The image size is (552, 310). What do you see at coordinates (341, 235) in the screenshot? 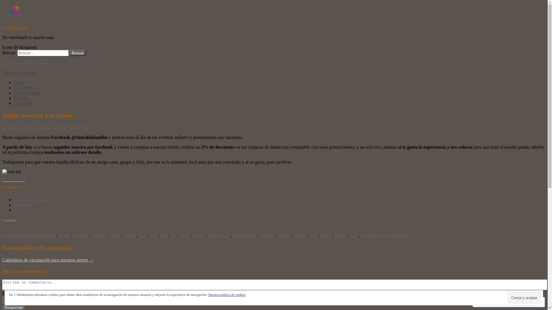
I see `'pienso'` at bounding box center [341, 235].